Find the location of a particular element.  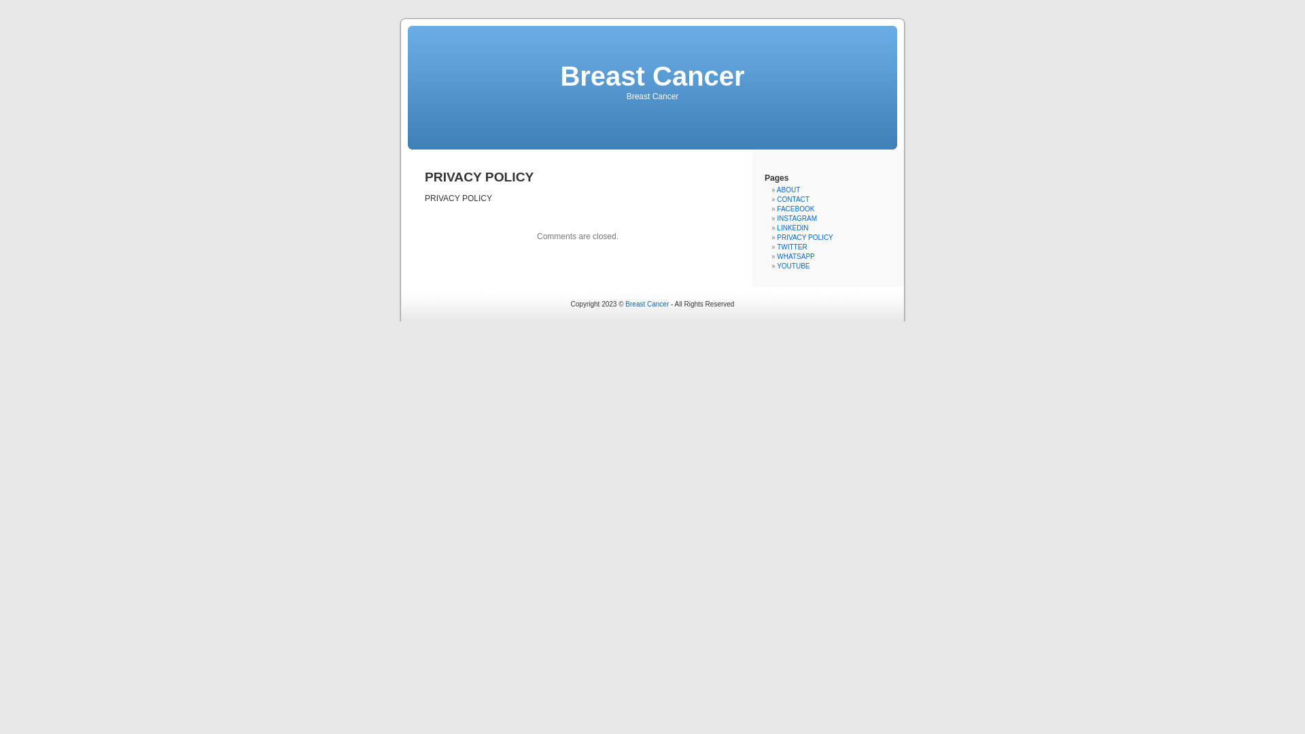

'TWITTER' is located at coordinates (792, 247).